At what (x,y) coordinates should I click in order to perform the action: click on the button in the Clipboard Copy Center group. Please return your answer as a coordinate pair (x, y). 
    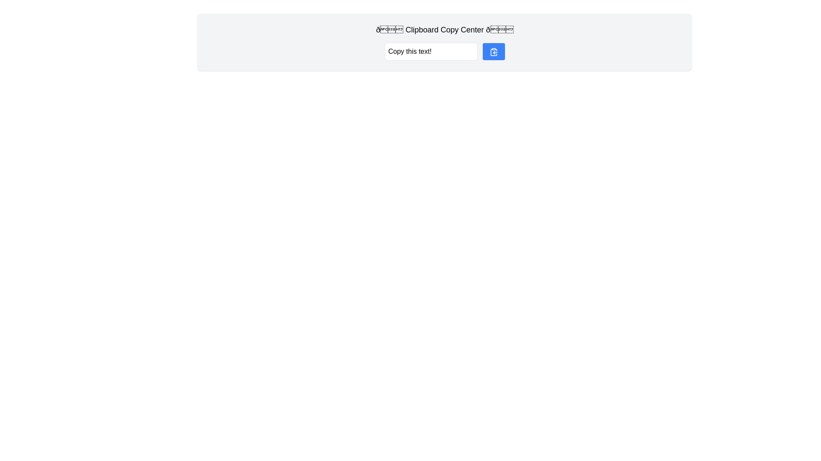
    Looking at the image, I should click on (445, 51).